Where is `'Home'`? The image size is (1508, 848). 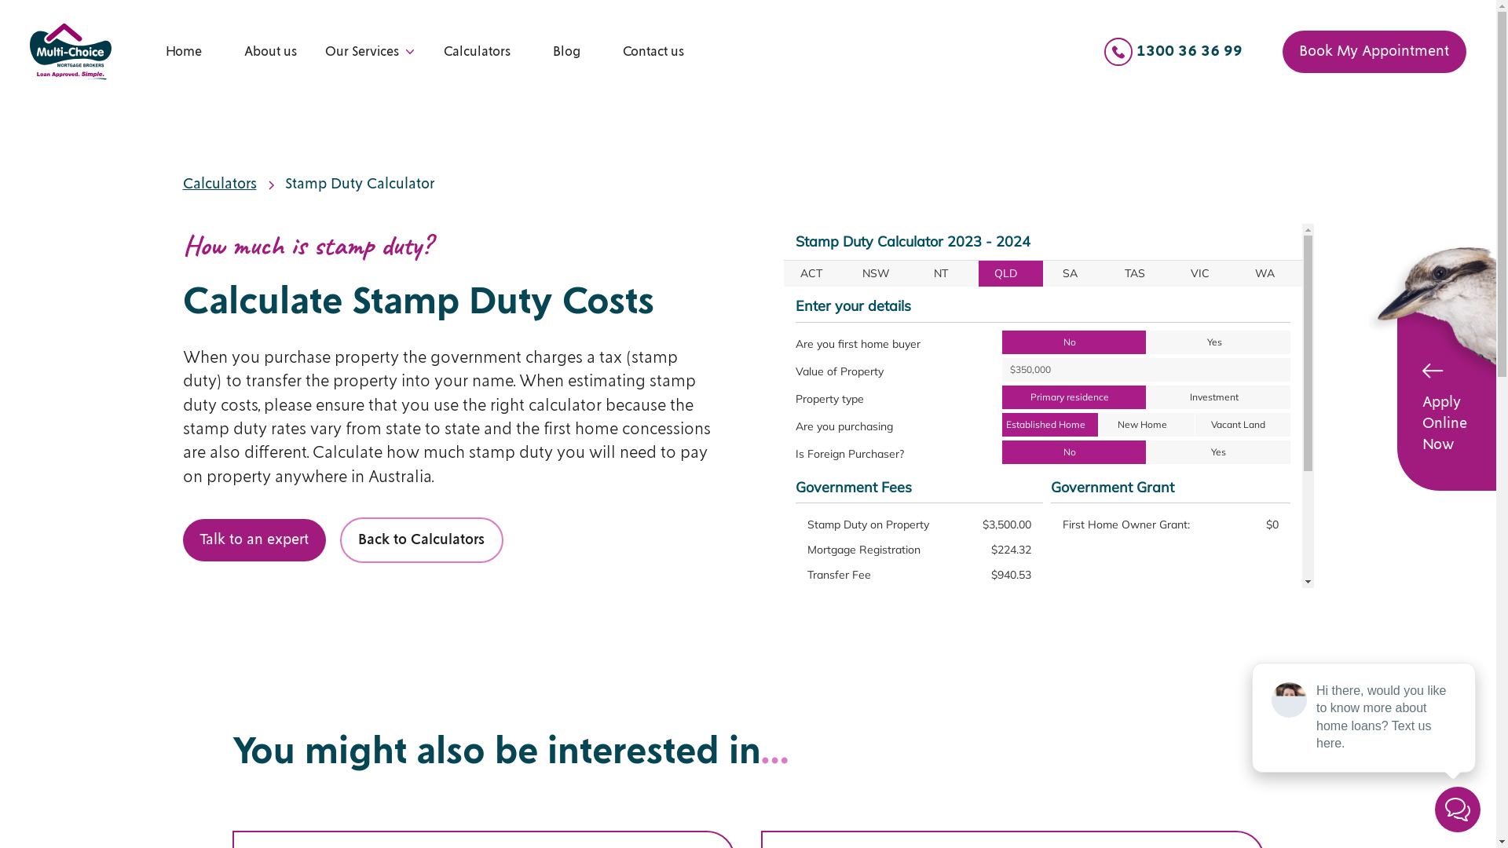 'Home' is located at coordinates (166, 50).